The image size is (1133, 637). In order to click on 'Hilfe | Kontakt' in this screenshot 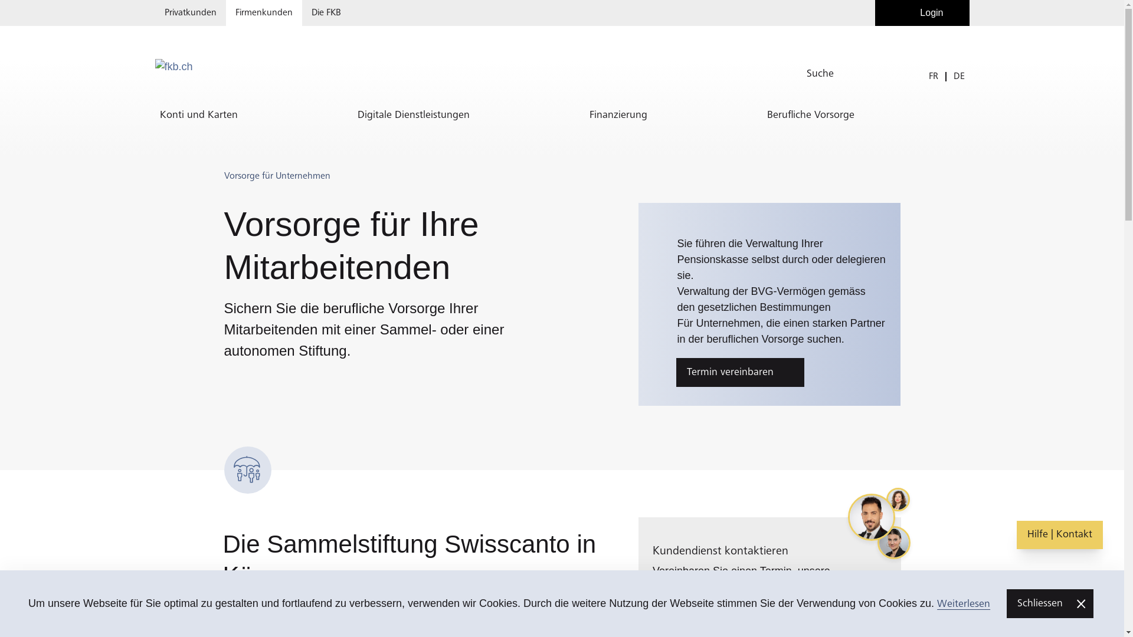, I will do `click(1059, 535)`.